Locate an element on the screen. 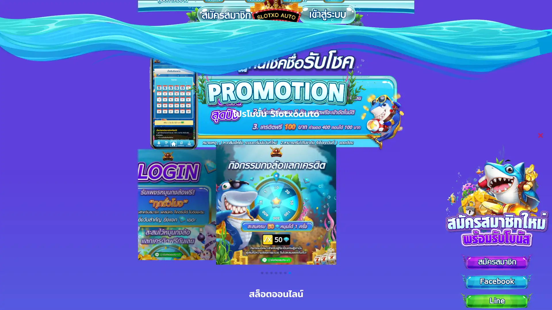 This screenshot has width=552, height=310. Close is located at coordinates (540, 135).